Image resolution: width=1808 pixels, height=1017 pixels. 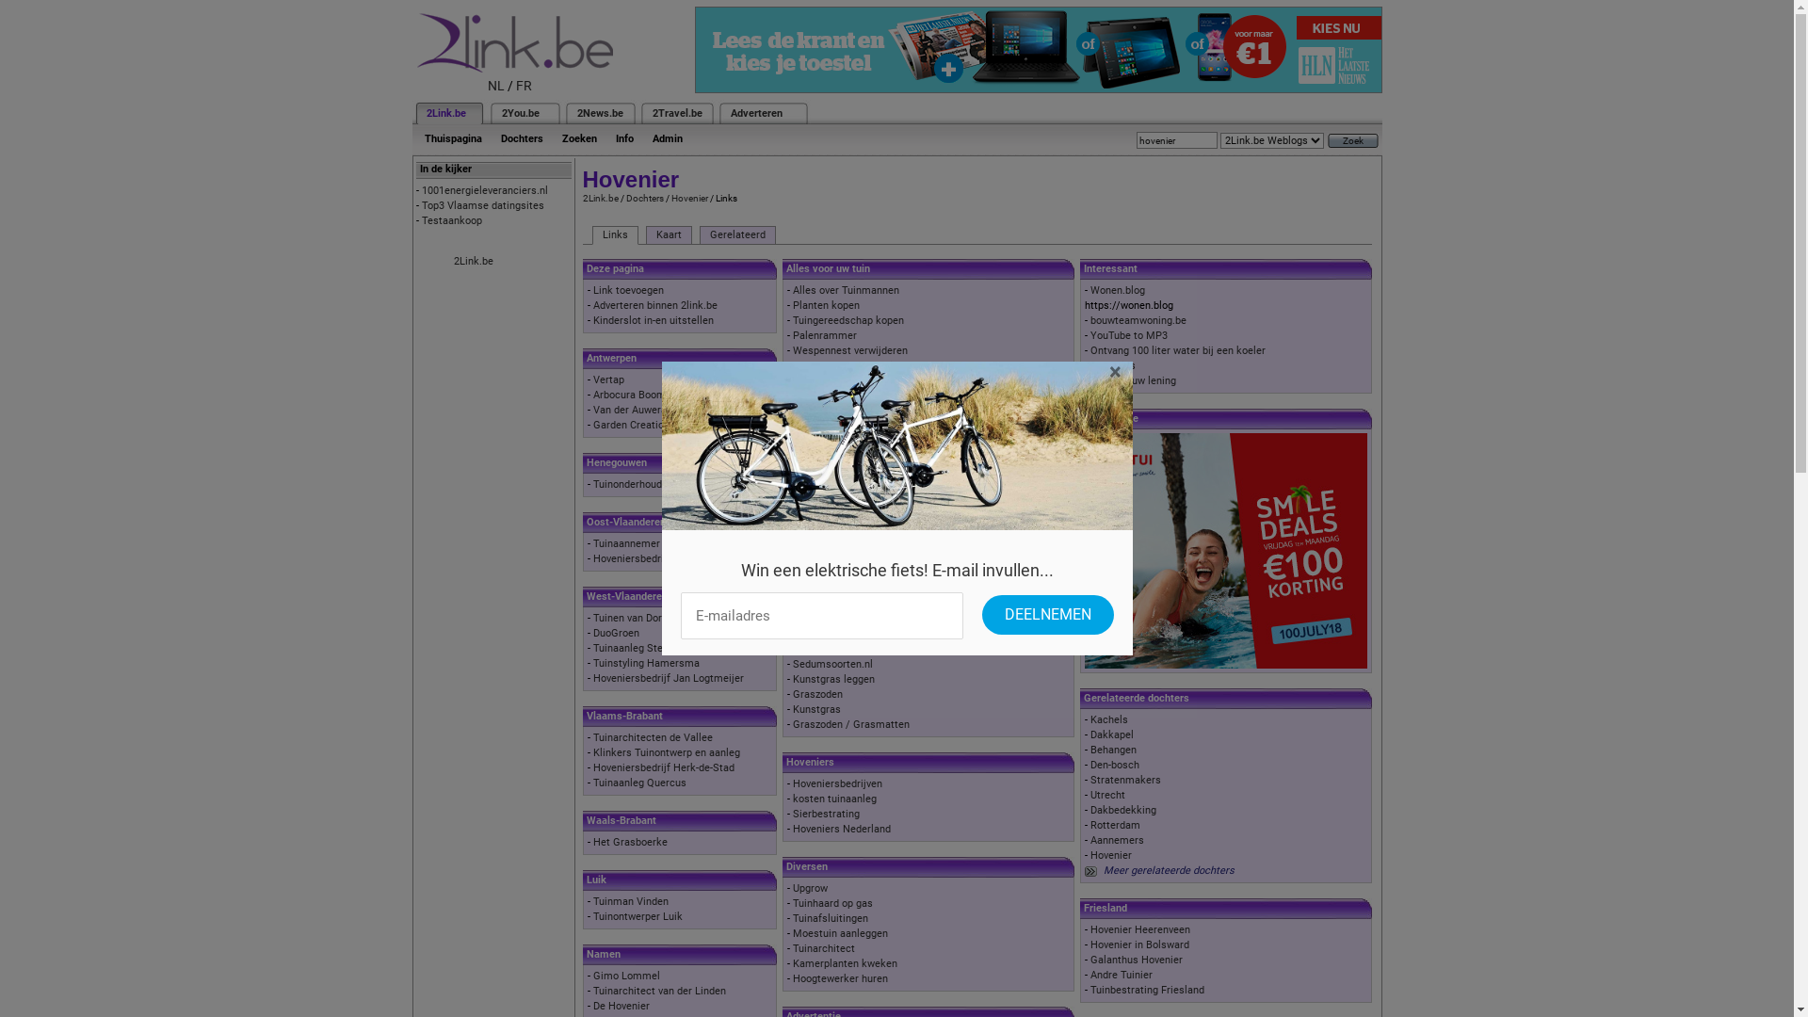 What do you see at coordinates (664, 767) in the screenshot?
I see `'Hoveniersbedrijf Herk-de-Stad'` at bounding box center [664, 767].